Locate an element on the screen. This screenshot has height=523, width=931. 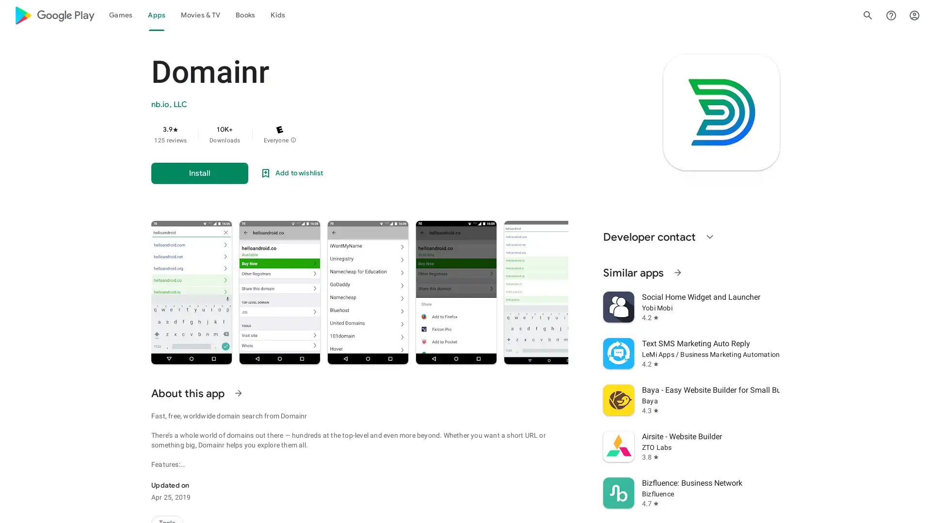
Expand is located at coordinates (710, 237).